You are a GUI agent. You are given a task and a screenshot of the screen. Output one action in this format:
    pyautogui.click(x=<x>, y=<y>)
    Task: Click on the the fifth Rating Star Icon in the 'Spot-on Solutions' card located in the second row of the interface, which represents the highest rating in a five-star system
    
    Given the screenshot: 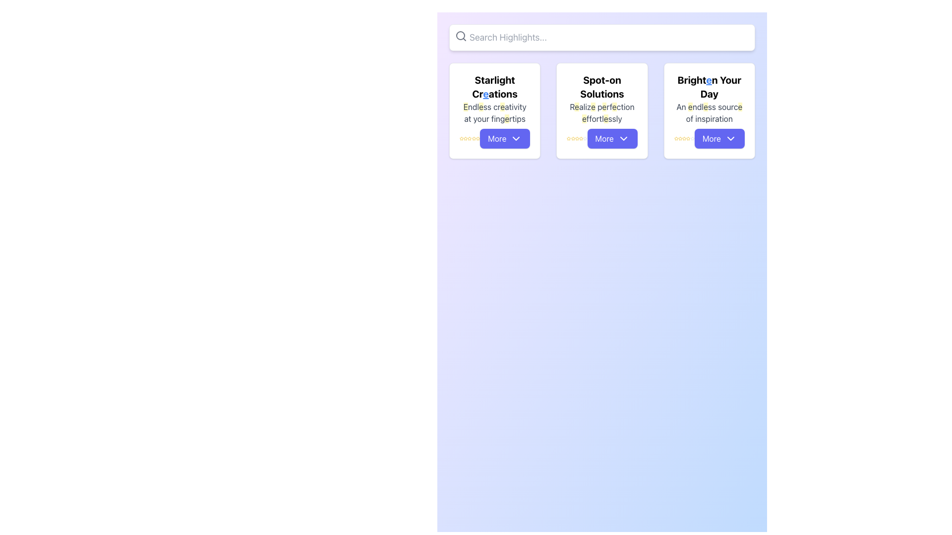 What is the action you would take?
    pyautogui.click(x=585, y=139)
    